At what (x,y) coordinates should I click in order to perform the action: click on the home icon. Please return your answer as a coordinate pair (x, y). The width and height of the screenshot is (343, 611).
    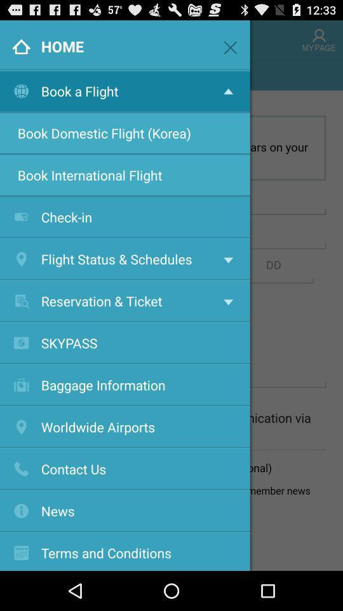
    Looking at the image, I should click on (17, 41).